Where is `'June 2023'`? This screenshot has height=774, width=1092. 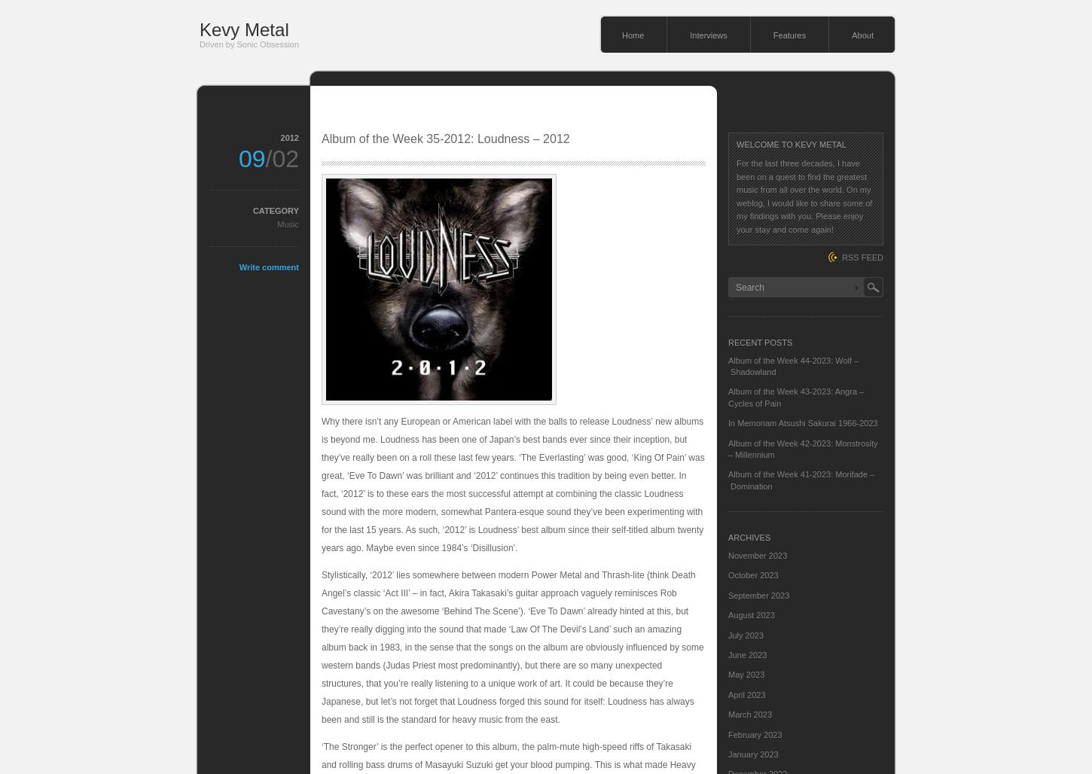 'June 2023' is located at coordinates (728, 654).